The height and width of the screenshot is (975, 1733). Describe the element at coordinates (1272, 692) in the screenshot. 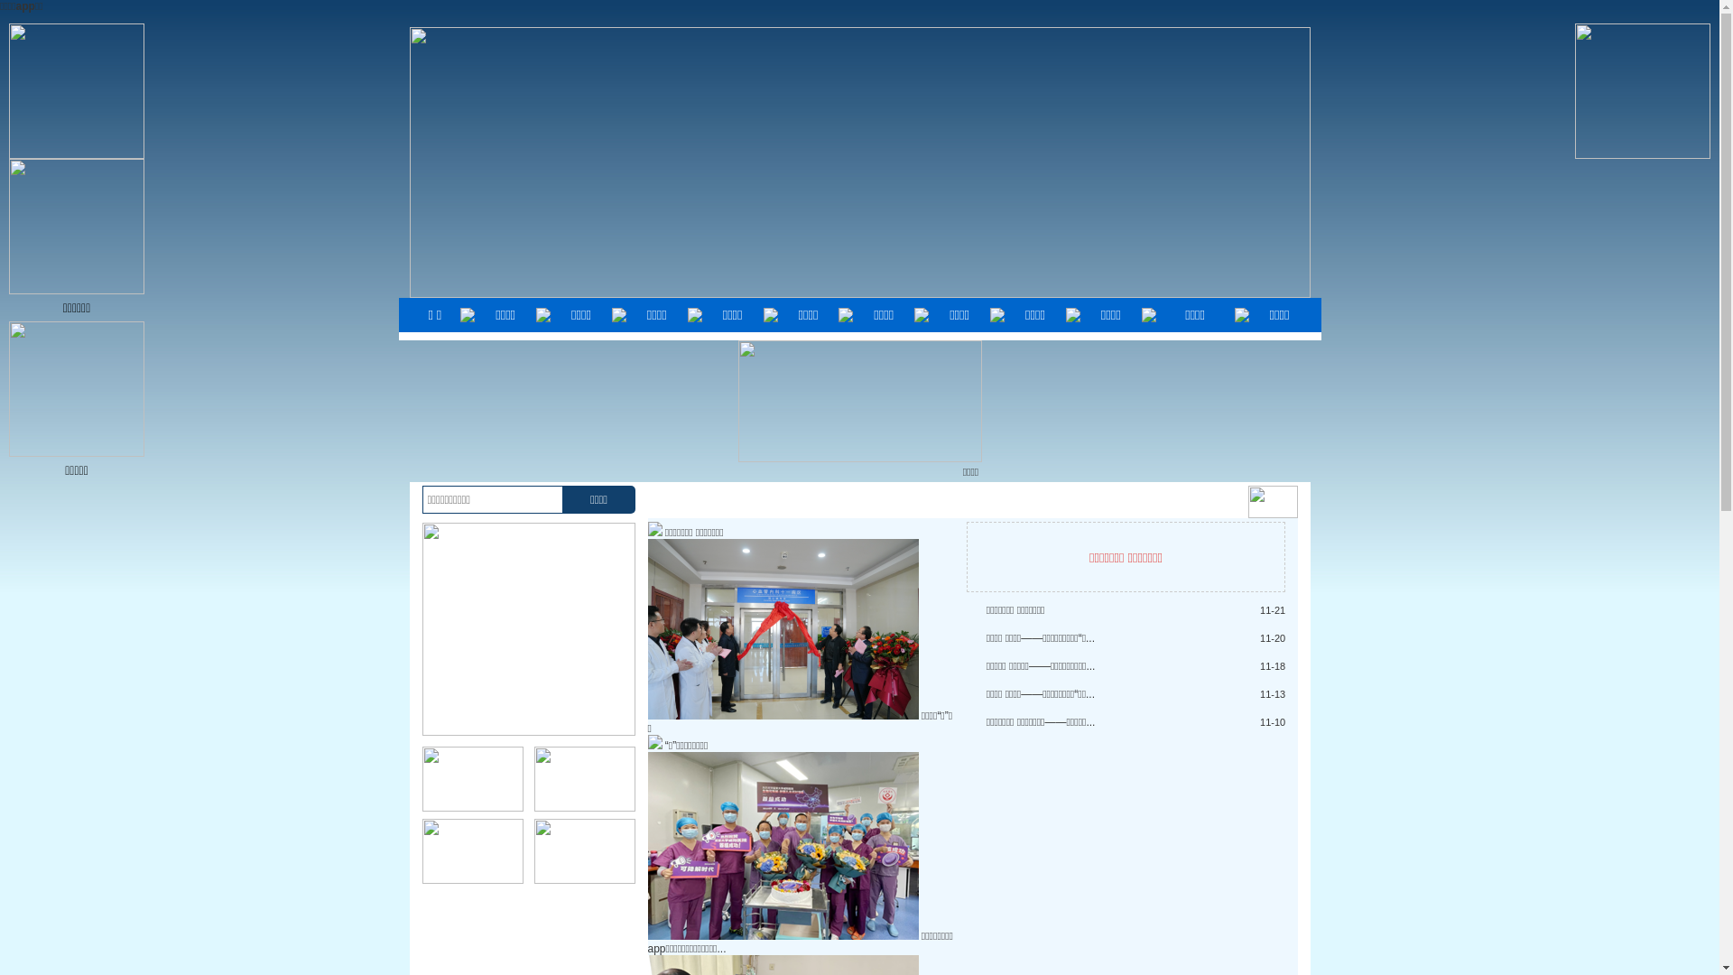

I see `'11-13'` at that location.